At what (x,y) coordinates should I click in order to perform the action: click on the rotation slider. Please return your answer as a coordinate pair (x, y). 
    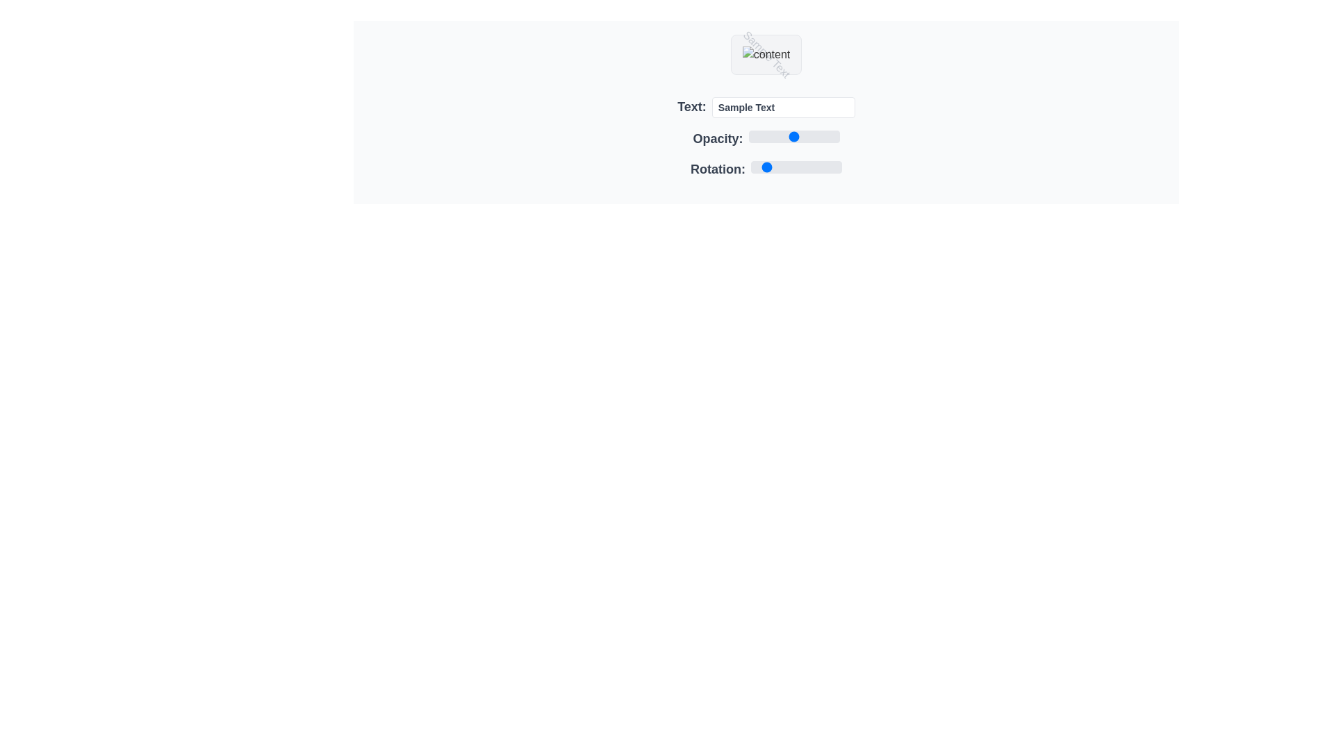
    Looking at the image, I should click on (834, 166).